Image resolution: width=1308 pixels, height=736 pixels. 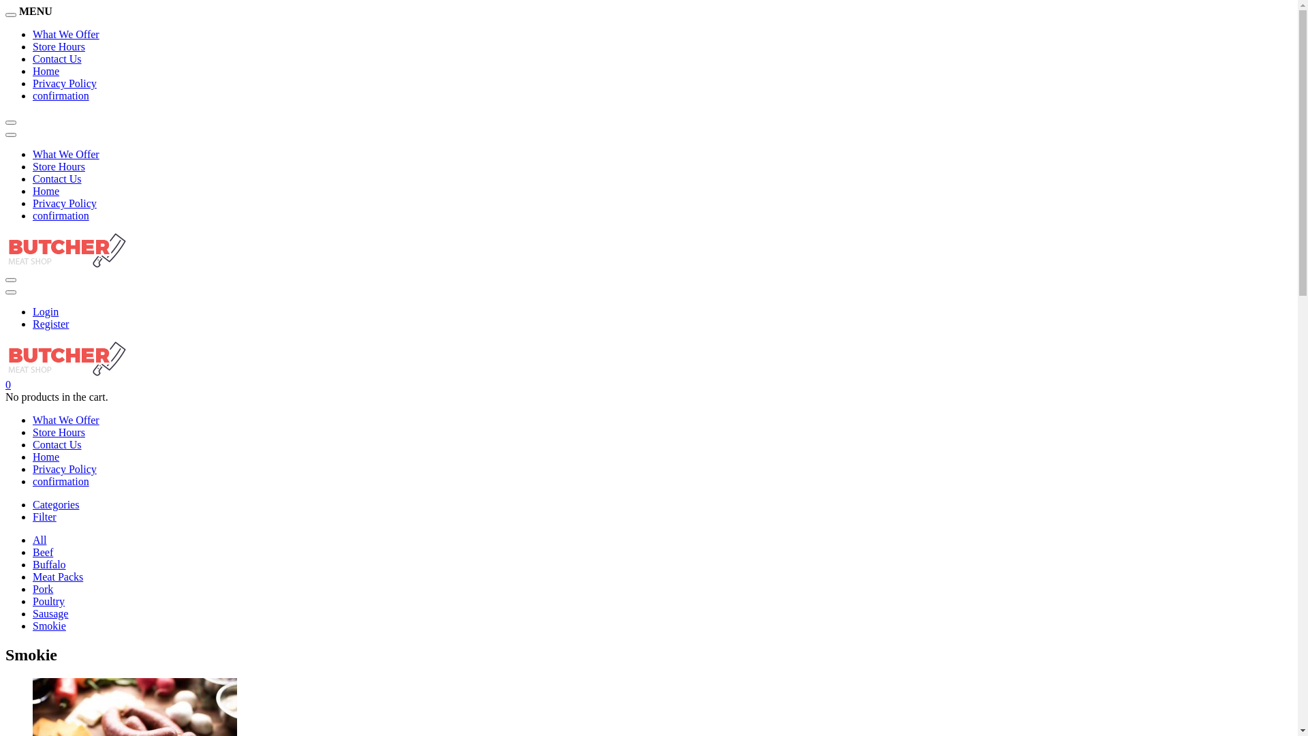 I want to click on '0', so click(x=5, y=384).